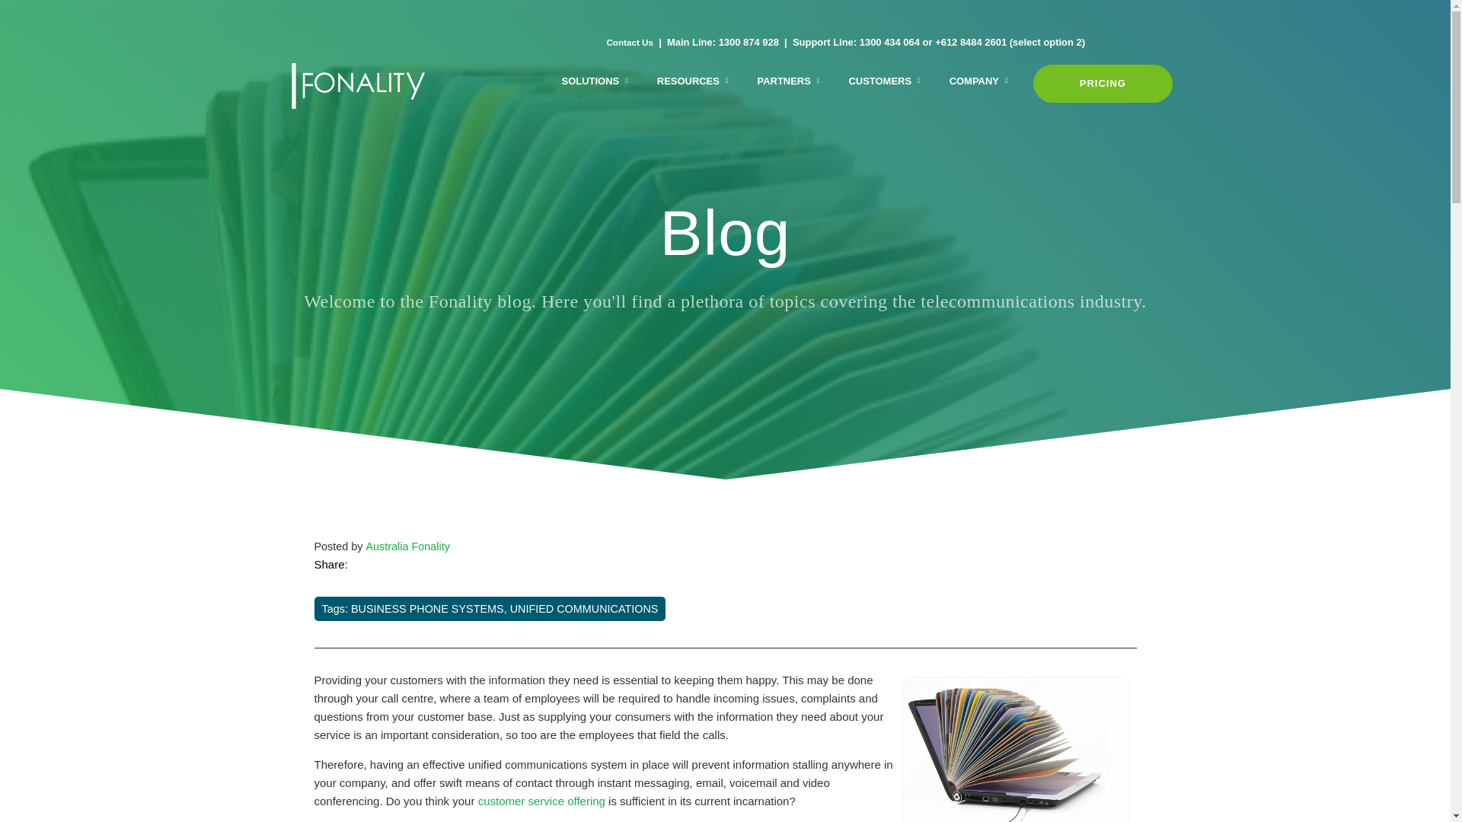 This screenshot has height=822, width=1462. Describe the element at coordinates (350, 607) in the screenshot. I see `'BUSINESS PHONE SYSTEMS'` at that location.